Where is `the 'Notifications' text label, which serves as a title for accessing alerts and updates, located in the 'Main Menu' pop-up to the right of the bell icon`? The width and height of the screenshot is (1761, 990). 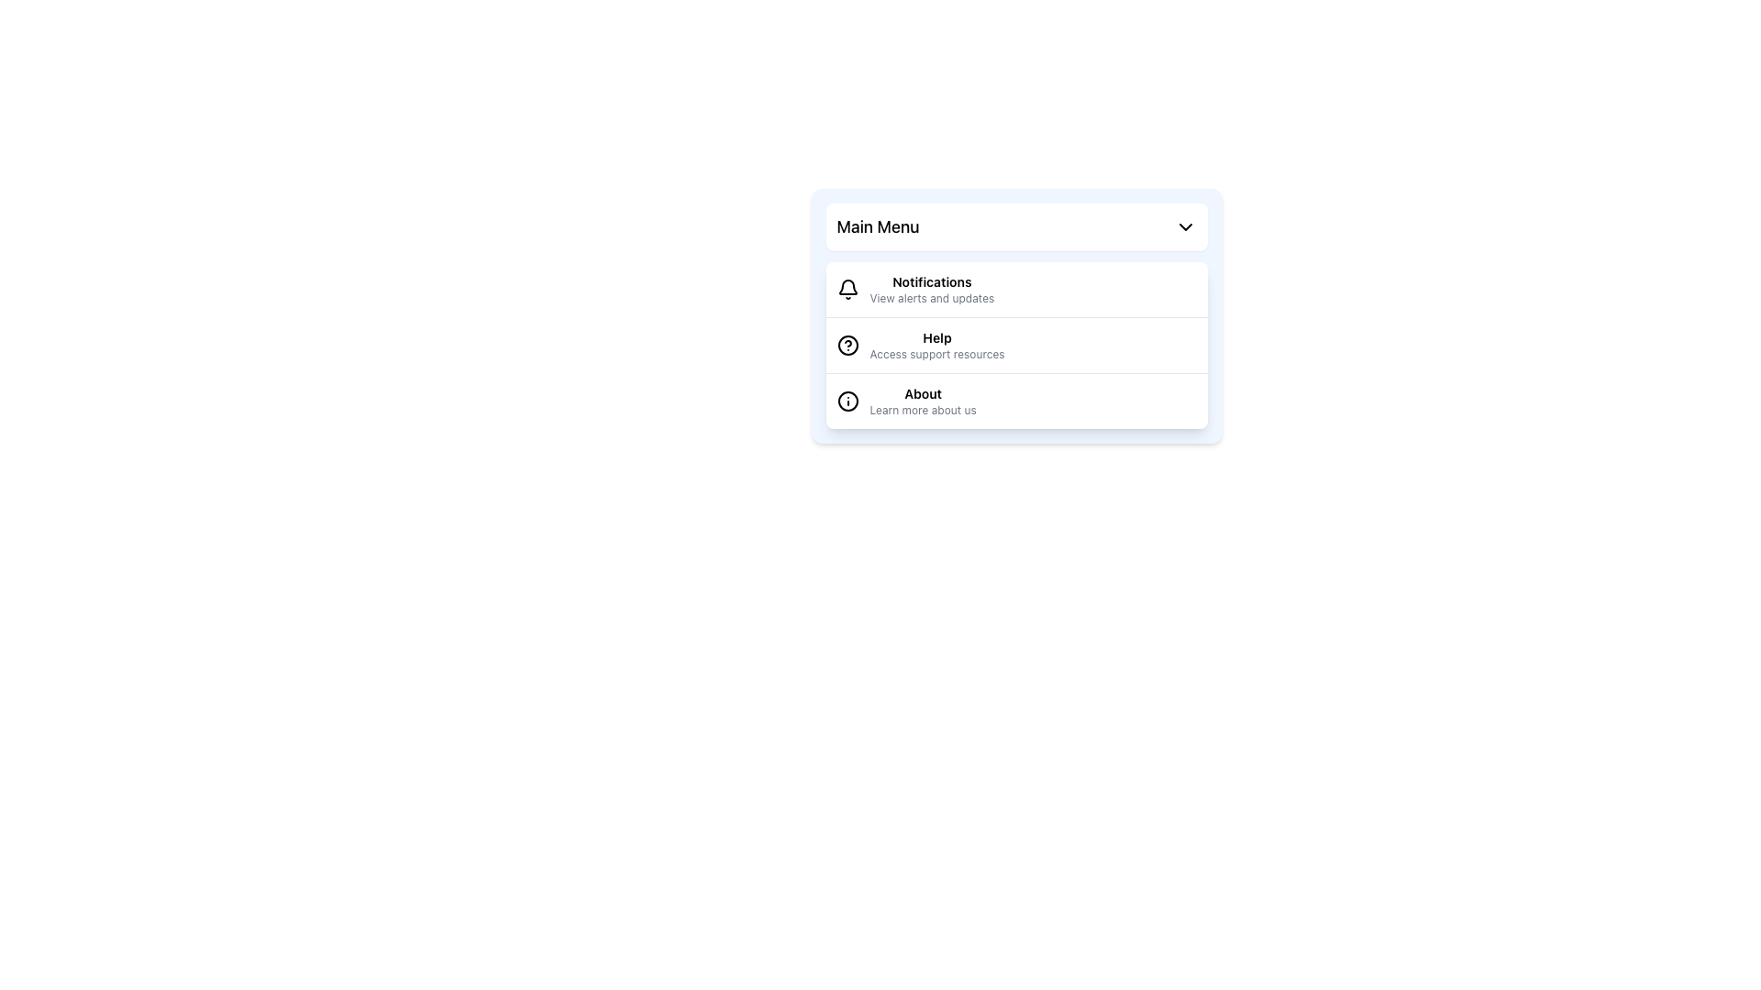
the 'Notifications' text label, which serves as a title for accessing alerts and updates, located in the 'Main Menu' pop-up to the right of the bell icon is located at coordinates (932, 289).